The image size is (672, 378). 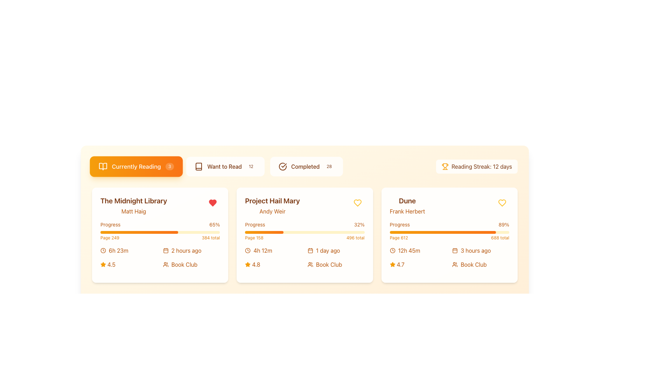 What do you see at coordinates (103, 264) in the screenshot?
I see `the golden star-shaped icon located at the bottom part of 'The Midnight Library' card` at bounding box center [103, 264].